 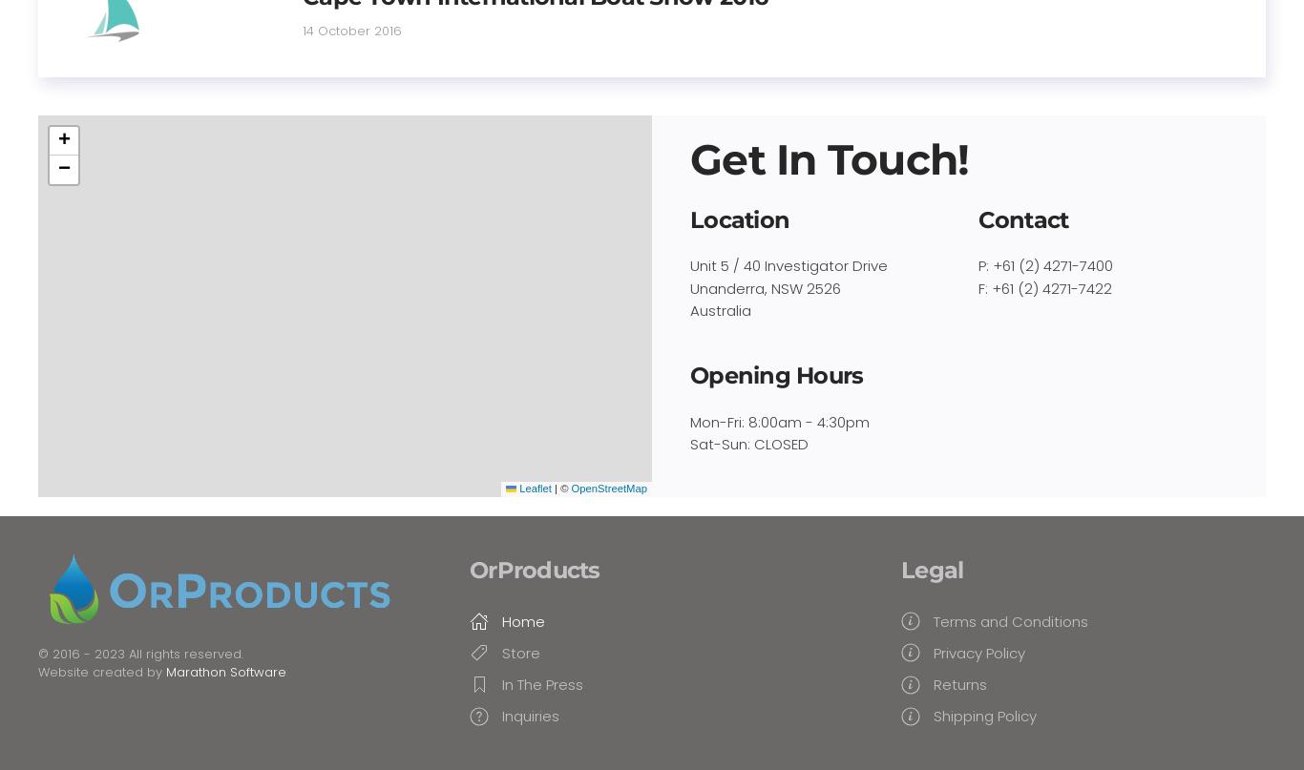 What do you see at coordinates (977, 264) in the screenshot?
I see `'P: +61 (2) 4271-7400'` at bounding box center [977, 264].